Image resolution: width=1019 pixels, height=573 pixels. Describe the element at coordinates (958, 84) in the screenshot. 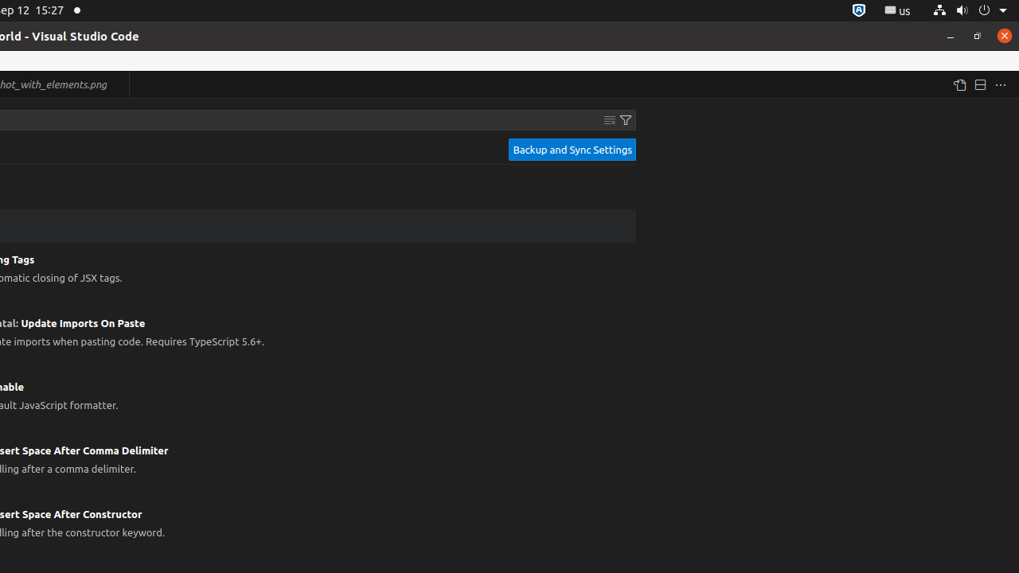

I see `'Open Settings (JSON)'` at that location.